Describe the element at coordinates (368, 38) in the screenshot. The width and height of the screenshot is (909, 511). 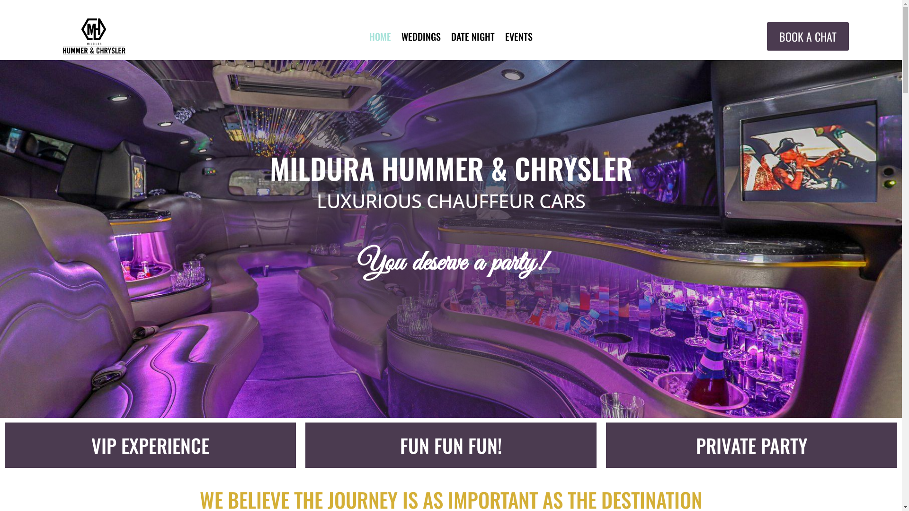
I see `'HOME'` at that location.